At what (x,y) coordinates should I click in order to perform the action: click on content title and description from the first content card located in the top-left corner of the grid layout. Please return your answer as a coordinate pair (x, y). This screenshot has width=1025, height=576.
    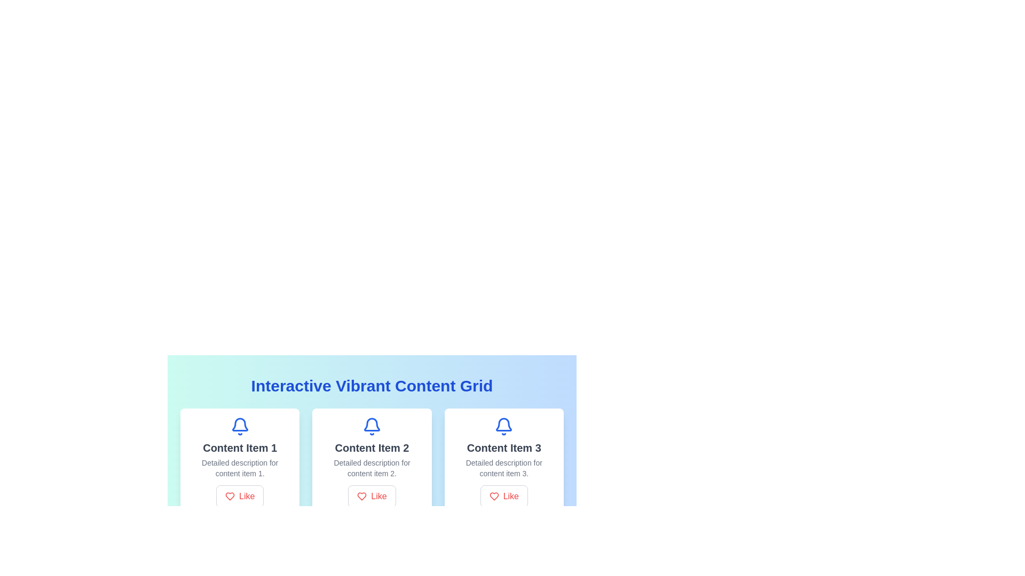
    Looking at the image, I should click on (239, 462).